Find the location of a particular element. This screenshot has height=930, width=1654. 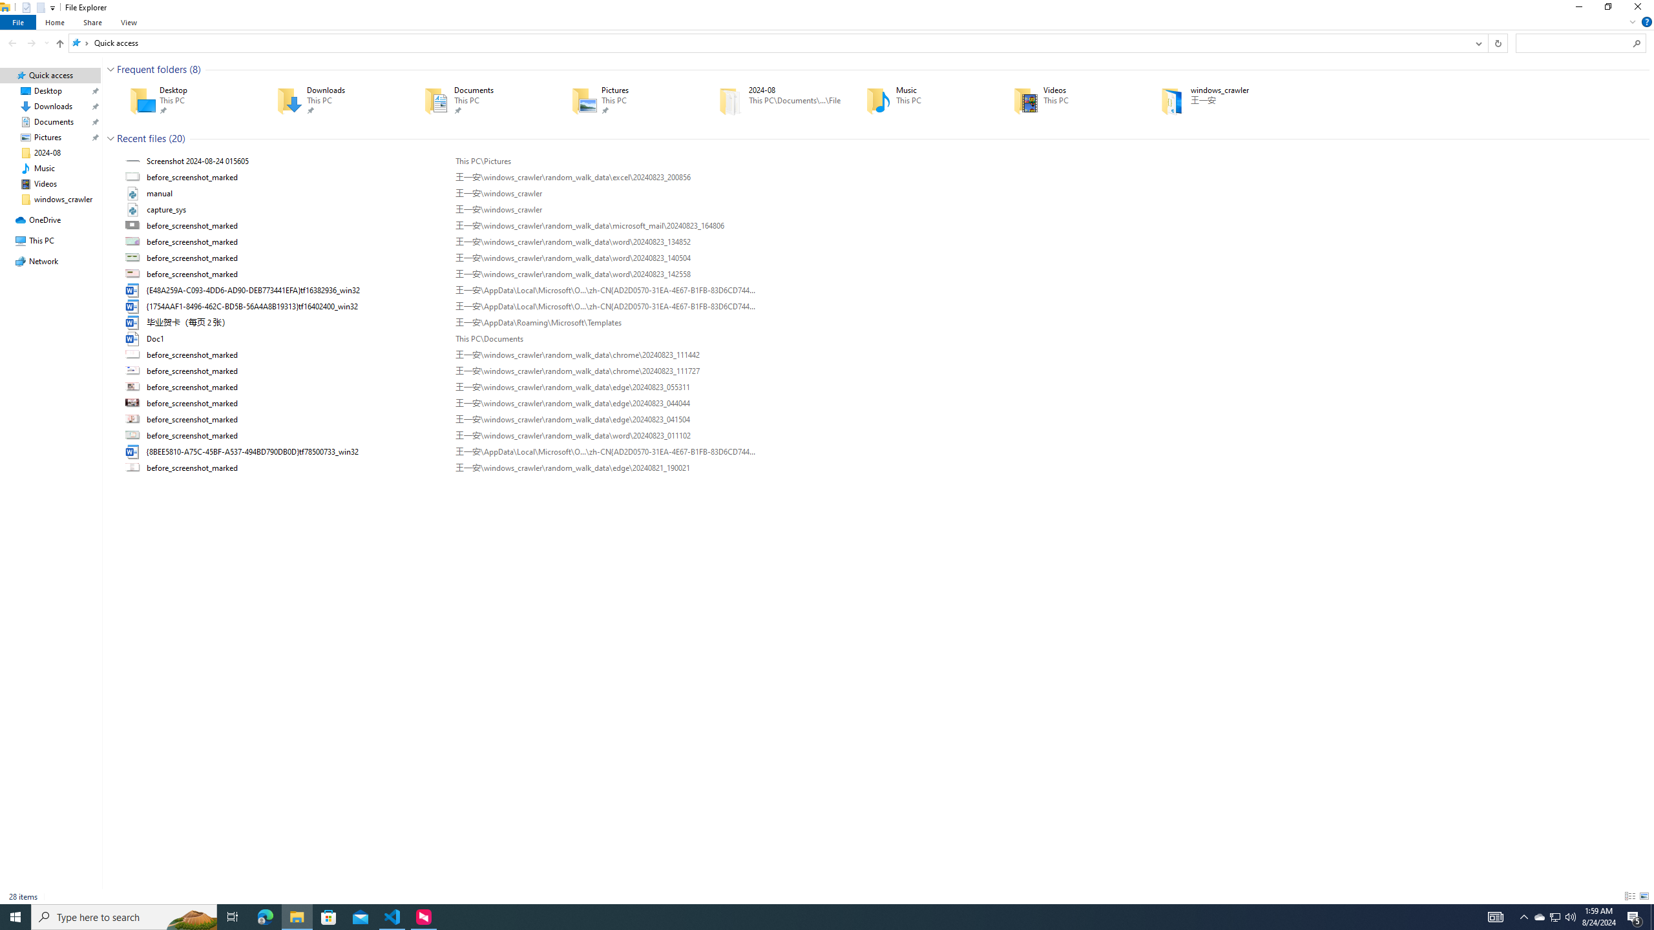

'Large Icons' is located at coordinates (1643, 896).